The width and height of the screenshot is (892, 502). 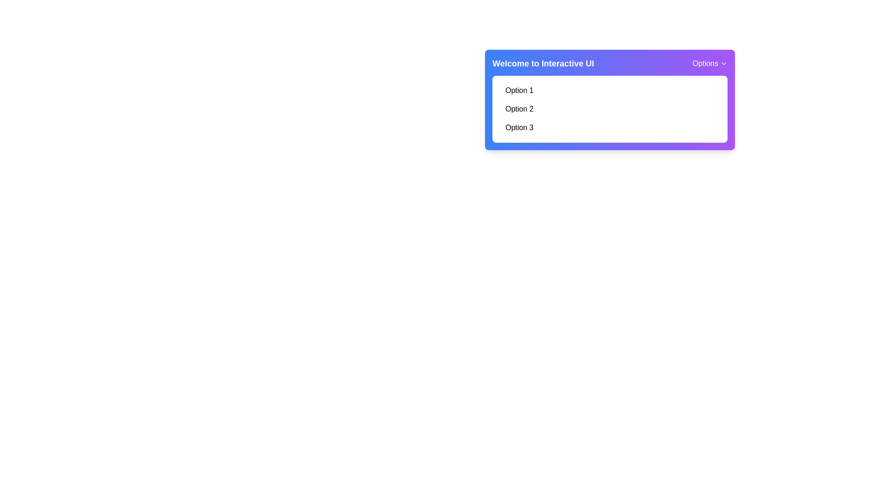 What do you see at coordinates (610, 91) in the screenshot?
I see `the first selectable list item labeled 'Option 1'` at bounding box center [610, 91].